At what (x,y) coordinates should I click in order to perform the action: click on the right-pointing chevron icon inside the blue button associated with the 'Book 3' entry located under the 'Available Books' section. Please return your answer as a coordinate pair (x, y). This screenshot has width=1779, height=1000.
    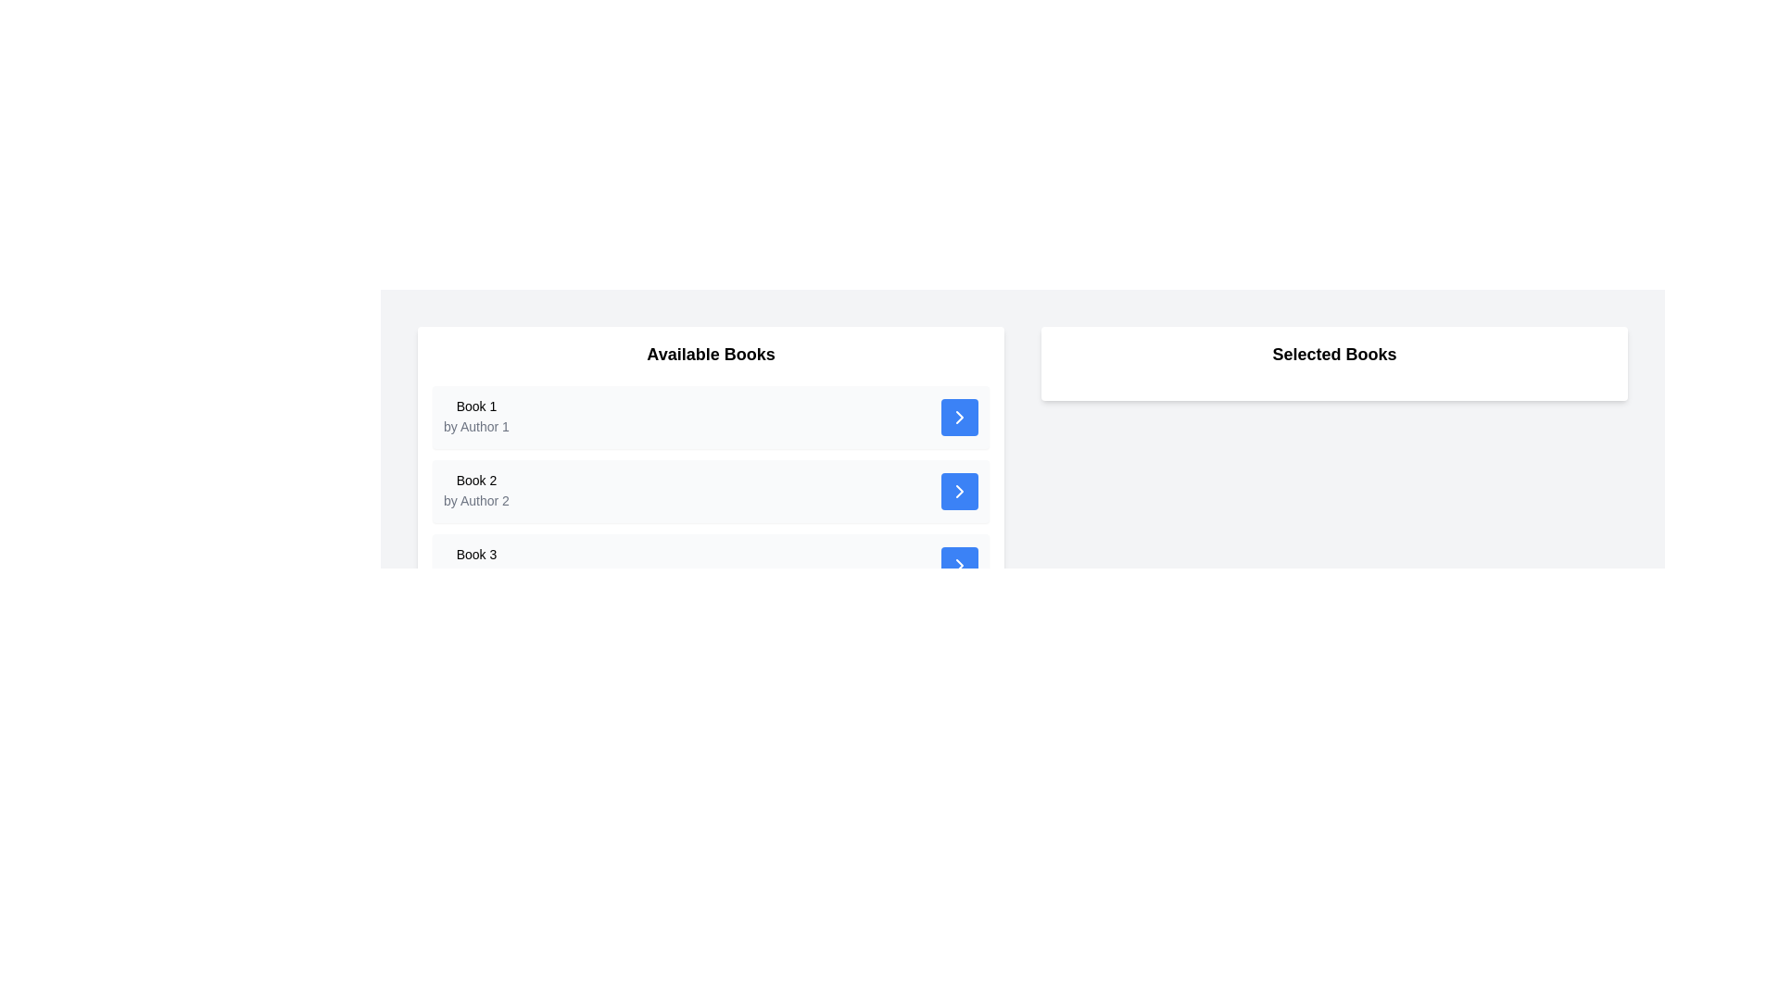
    Looking at the image, I should click on (960, 564).